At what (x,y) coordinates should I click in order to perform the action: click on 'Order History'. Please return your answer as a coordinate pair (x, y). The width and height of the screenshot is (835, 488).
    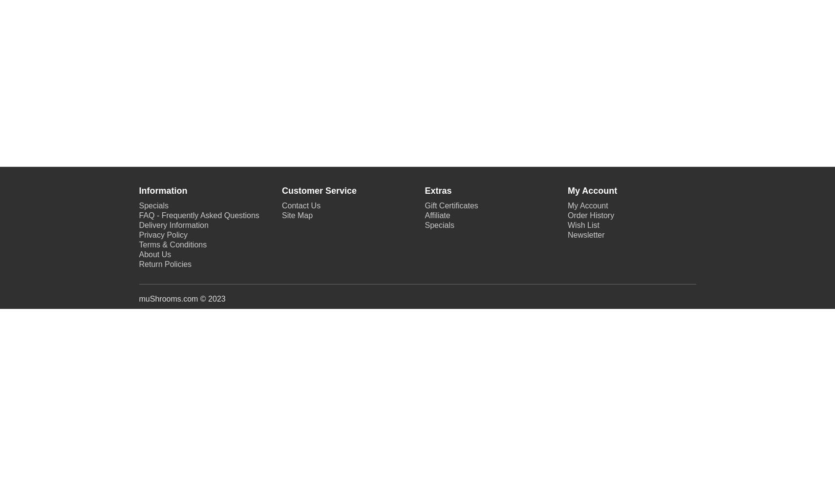
    Looking at the image, I should click on (591, 215).